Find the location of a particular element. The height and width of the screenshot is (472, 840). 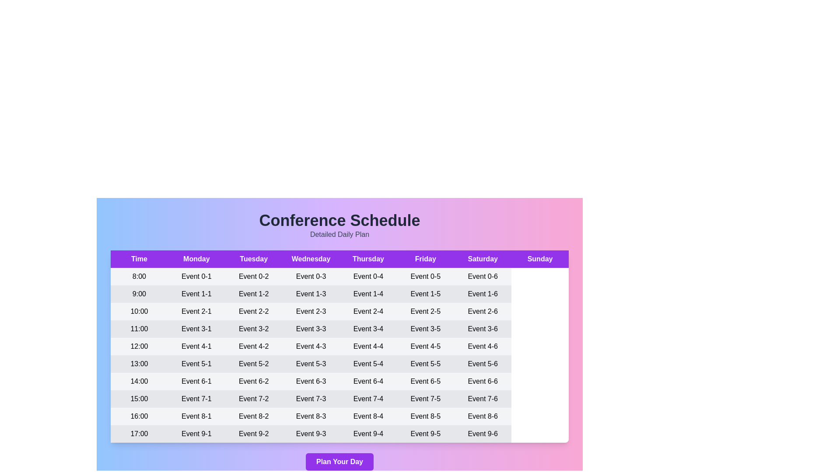

the 'Plan Your Day' button is located at coordinates (339, 461).